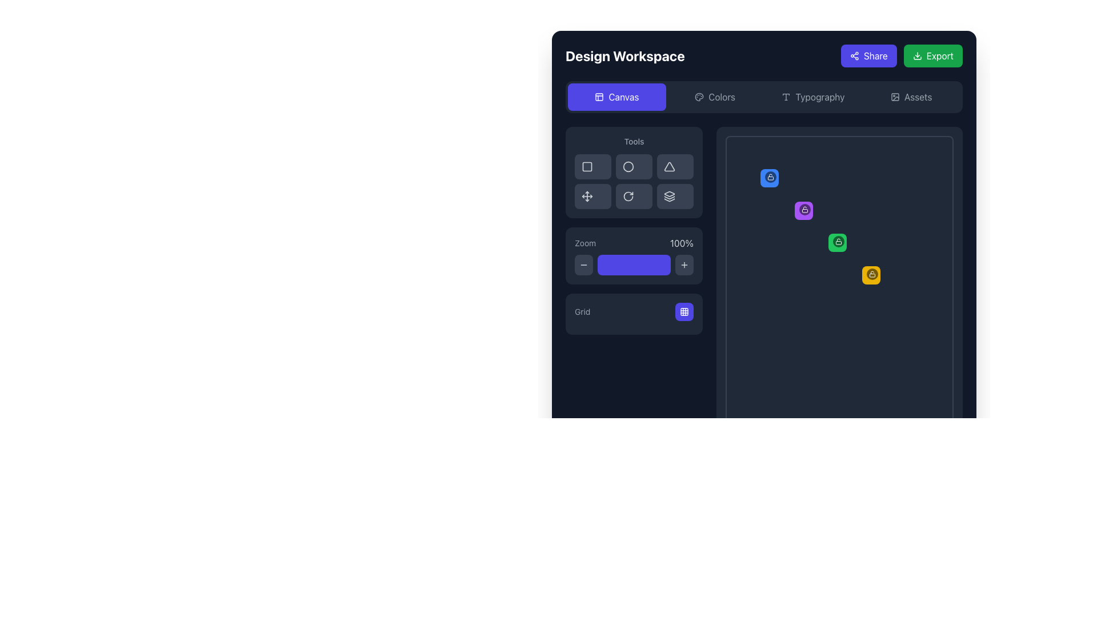 This screenshot has height=617, width=1097. Describe the element at coordinates (684, 312) in the screenshot. I see `the grid toggle button located in the bottom-right corner of the Tools panel` at that location.